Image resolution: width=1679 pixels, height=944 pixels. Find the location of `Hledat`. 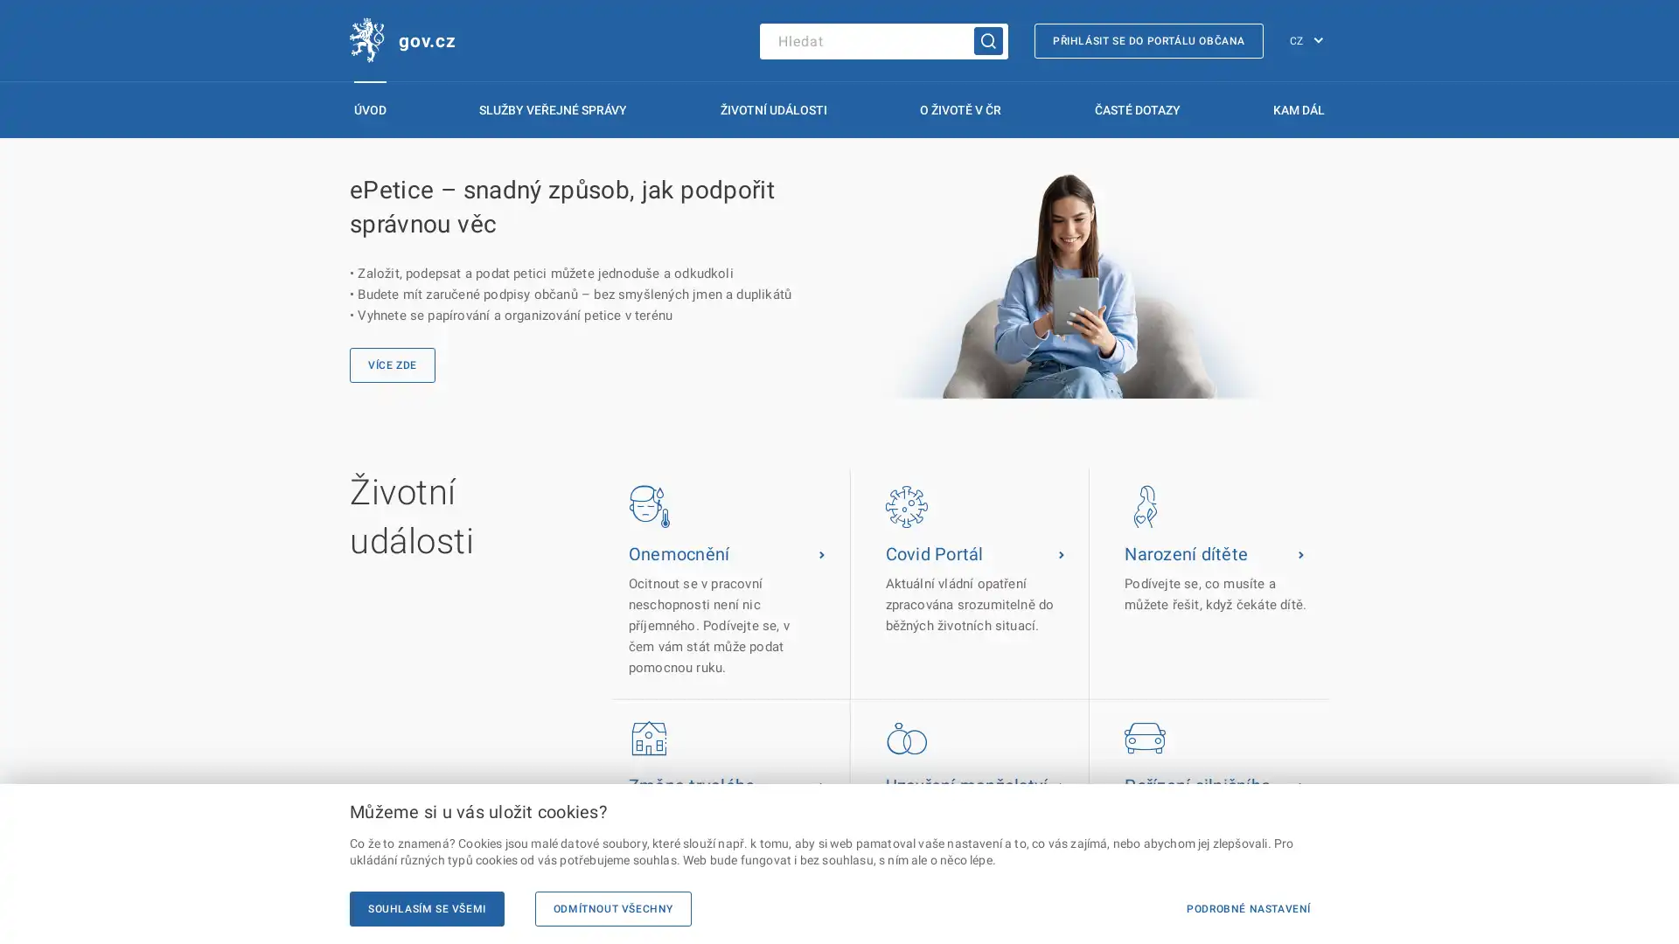

Hledat is located at coordinates (988, 39).